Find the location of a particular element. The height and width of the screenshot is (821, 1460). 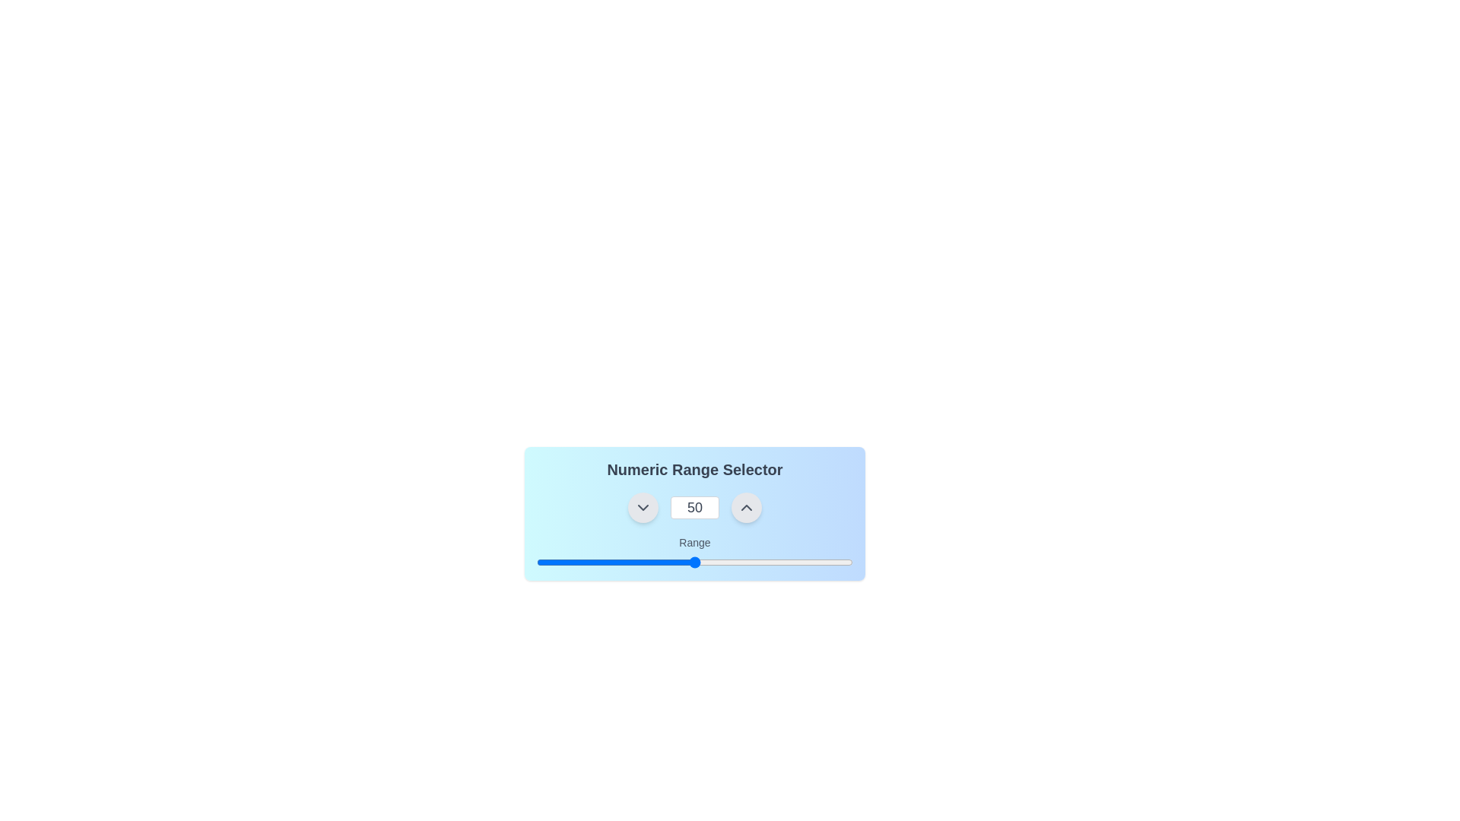

the chevron icon located inside the circular button on the left side of the numeric input interface is located at coordinates (643, 507).